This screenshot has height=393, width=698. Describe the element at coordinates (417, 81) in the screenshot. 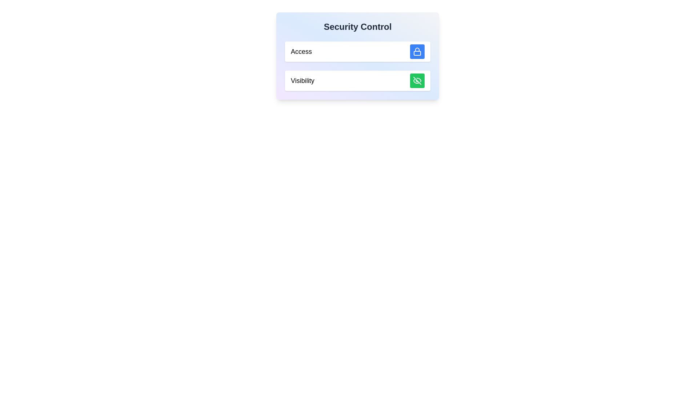

I see `the diagonal line of the 'eye-off' icon located at the bottom-right of the 'Visibility' row in the 'Security Control' panel` at that location.